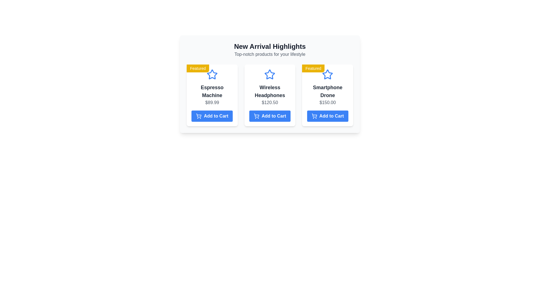  What do you see at coordinates (270, 95) in the screenshot?
I see `product title and price from the product card showcasing 'Wireless Headphones', which is the second card in a grid layout of three product cards` at bounding box center [270, 95].